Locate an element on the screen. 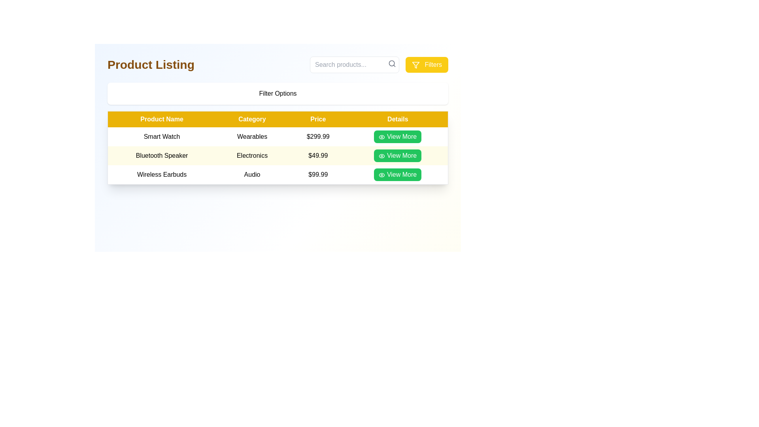 This screenshot has height=427, width=759. the search action icon located at the top-right corner inside the 'Search products...' input field to initiate a search is located at coordinates (392, 63).